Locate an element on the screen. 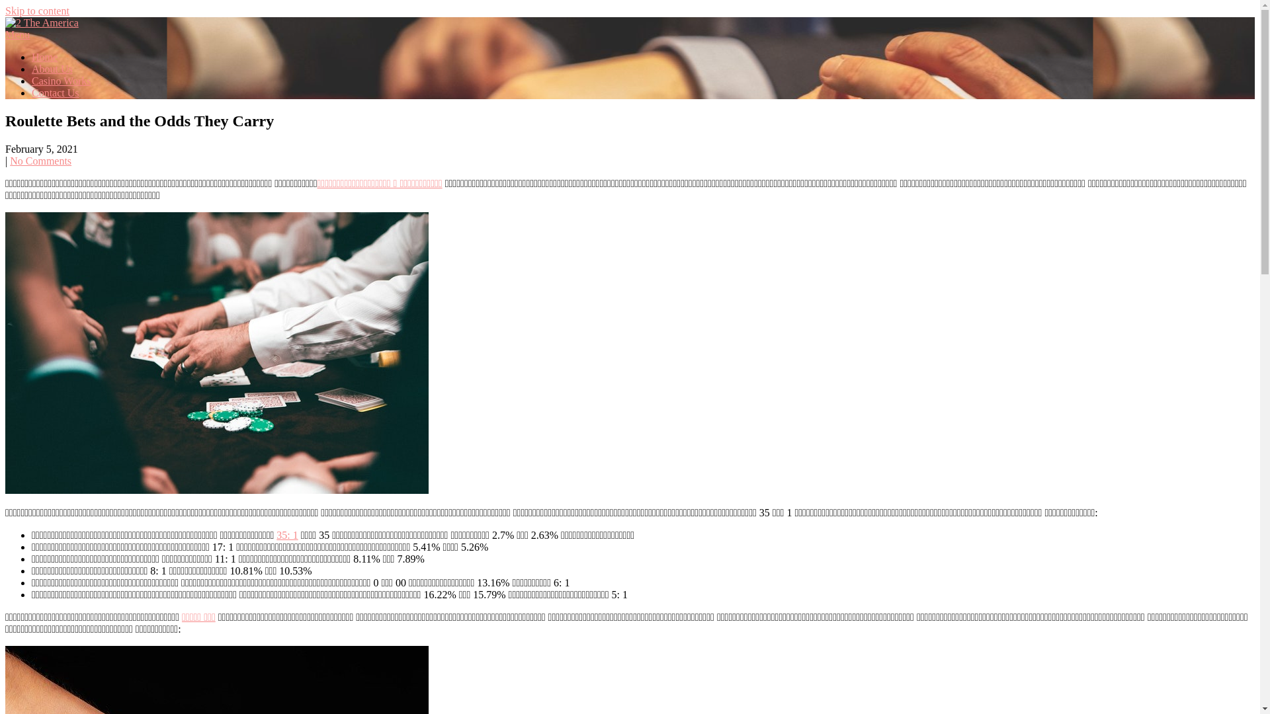  'Contact Us' is located at coordinates (54, 92).